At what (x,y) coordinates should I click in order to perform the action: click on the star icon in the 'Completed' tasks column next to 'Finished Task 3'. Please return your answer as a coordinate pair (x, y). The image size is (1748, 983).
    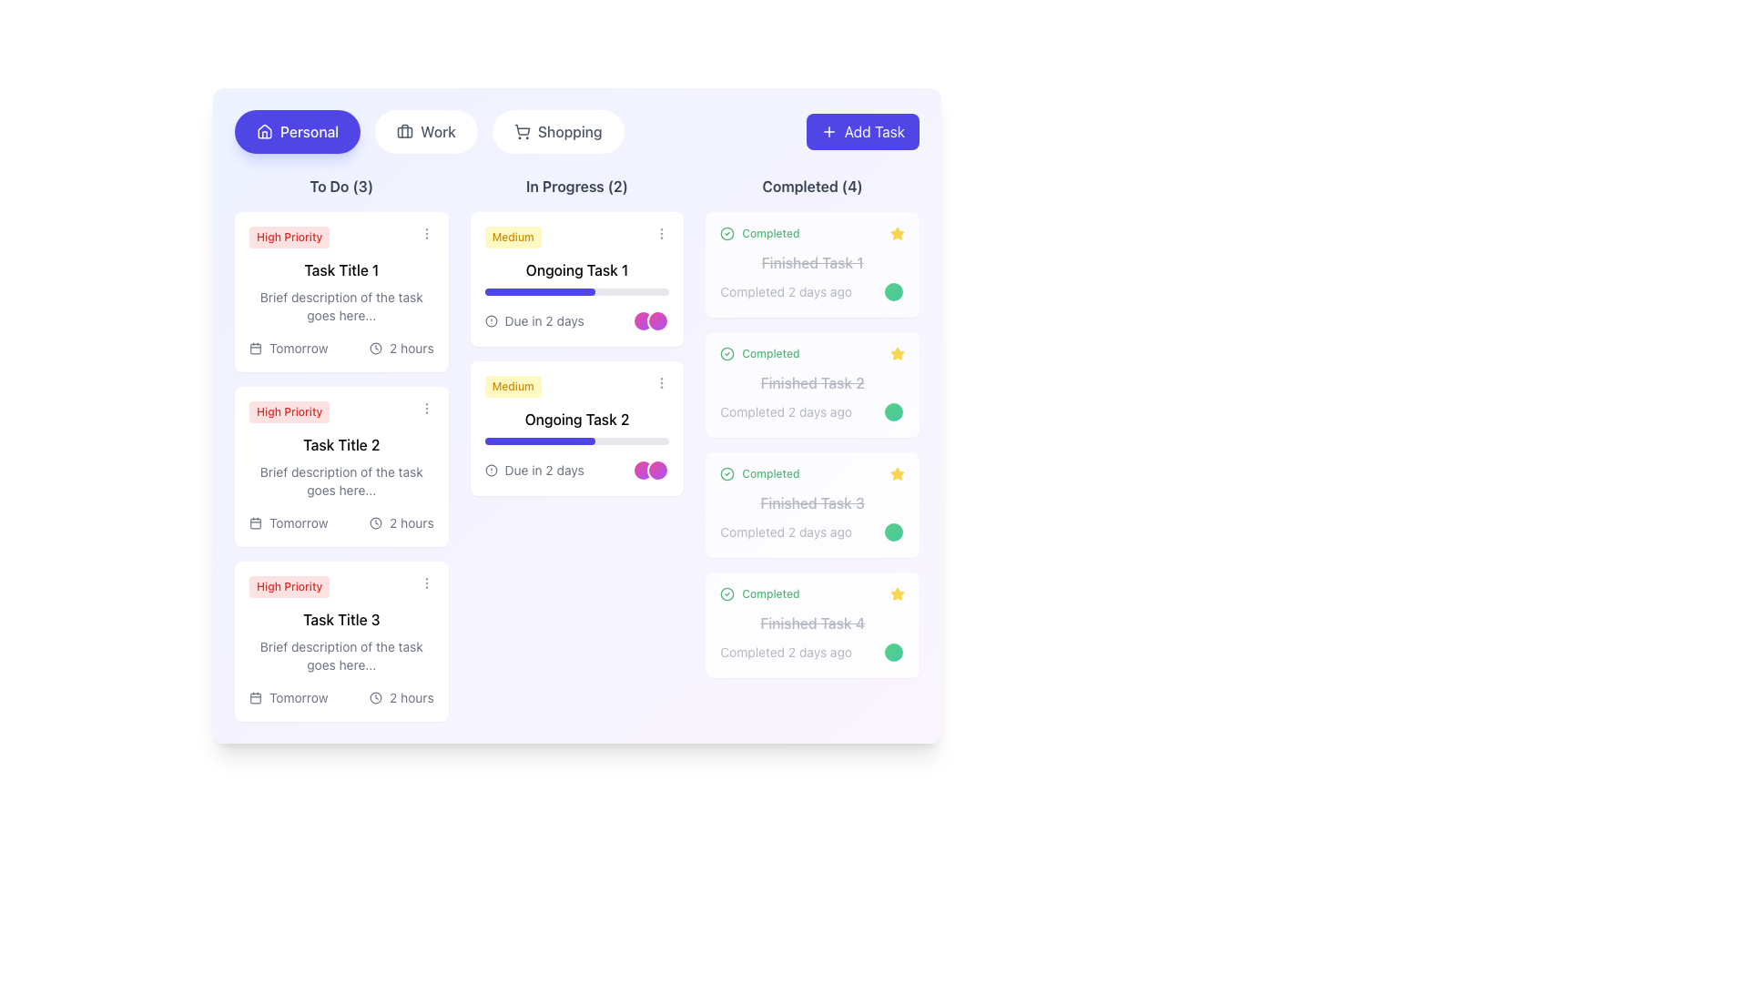
    Looking at the image, I should click on (897, 472).